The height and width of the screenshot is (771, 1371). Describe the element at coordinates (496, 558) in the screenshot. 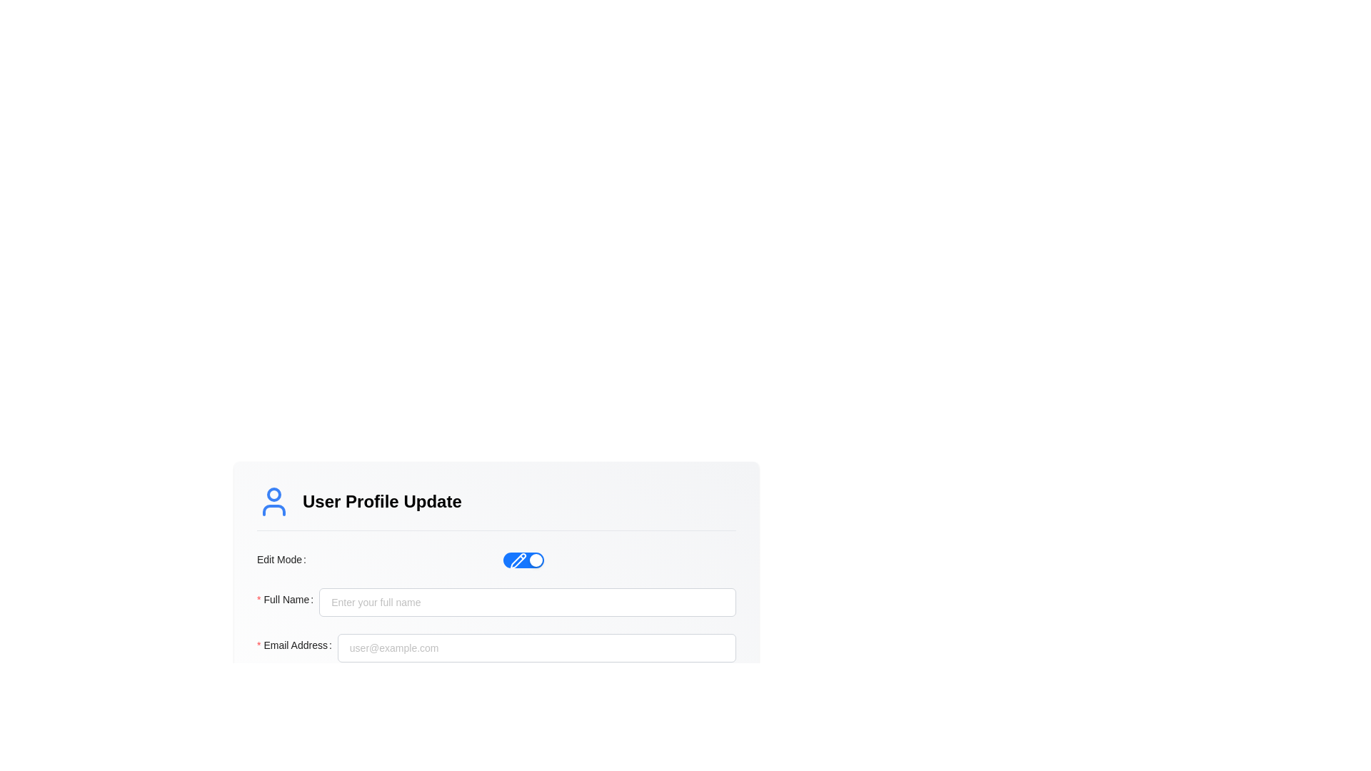

I see `the blue and white toggle switch labeled 'Edit Mode' within the 'User Profile Update' form` at that location.